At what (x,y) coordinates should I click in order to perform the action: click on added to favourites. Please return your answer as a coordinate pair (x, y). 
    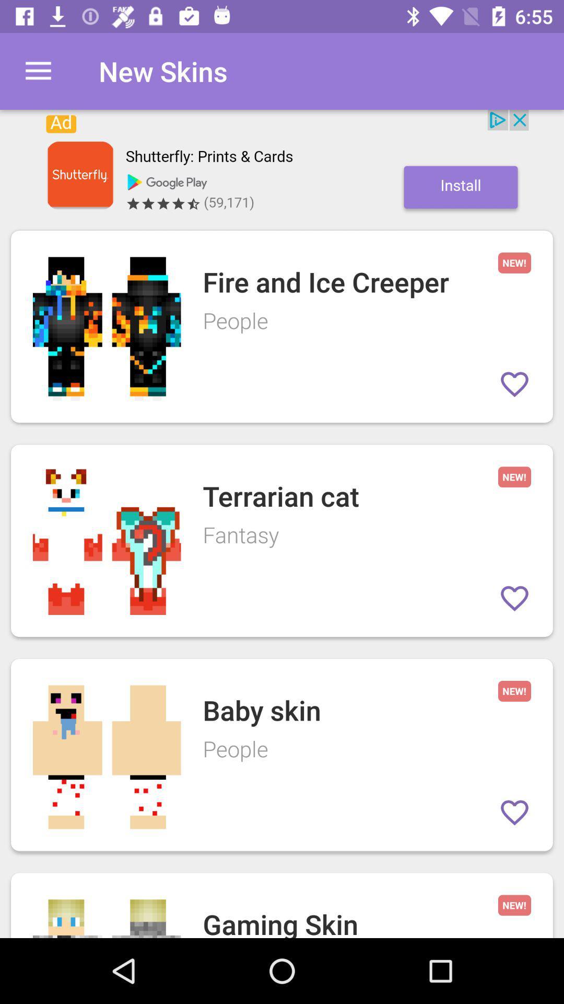
    Looking at the image, I should click on (514, 598).